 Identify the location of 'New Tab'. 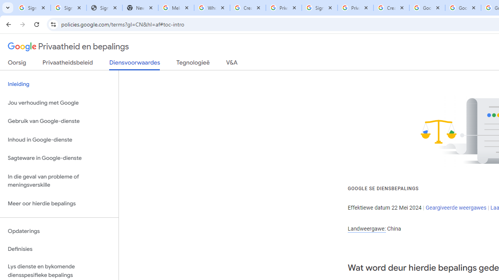
(140, 8).